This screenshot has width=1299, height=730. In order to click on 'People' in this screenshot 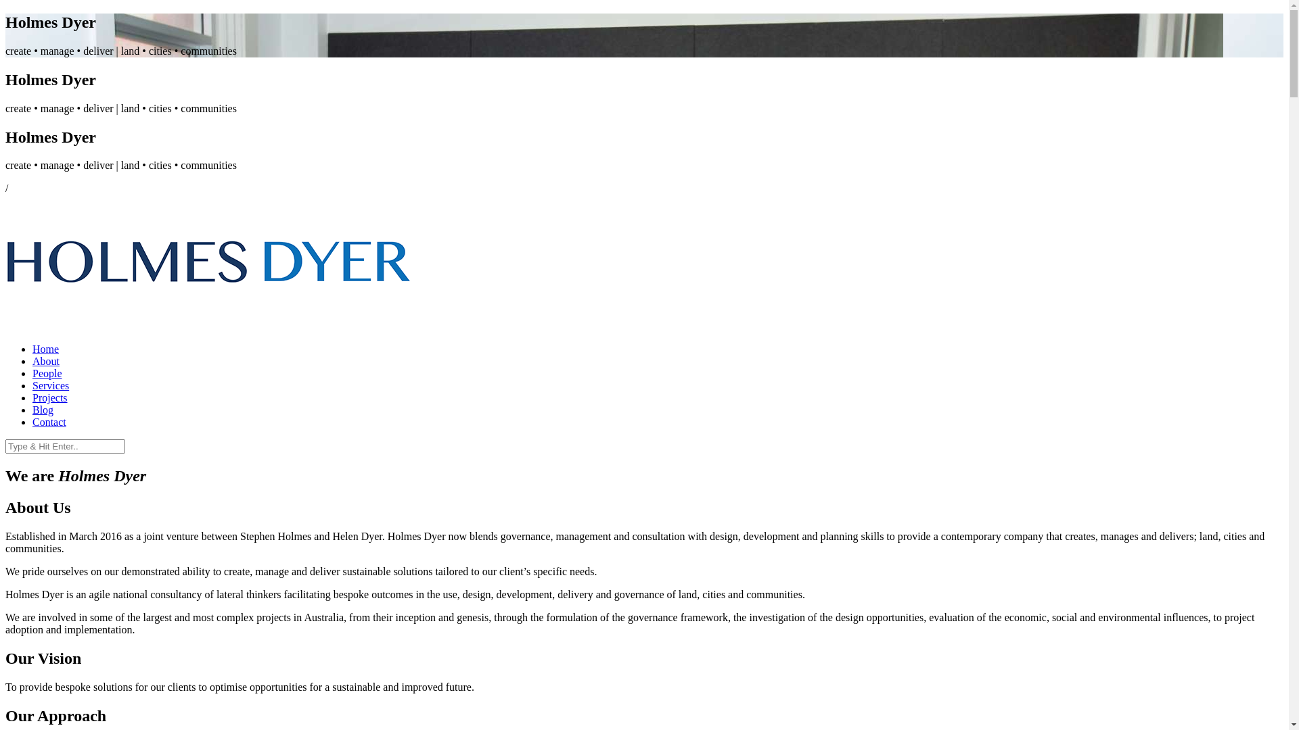, I will do `click(47, 373)`.